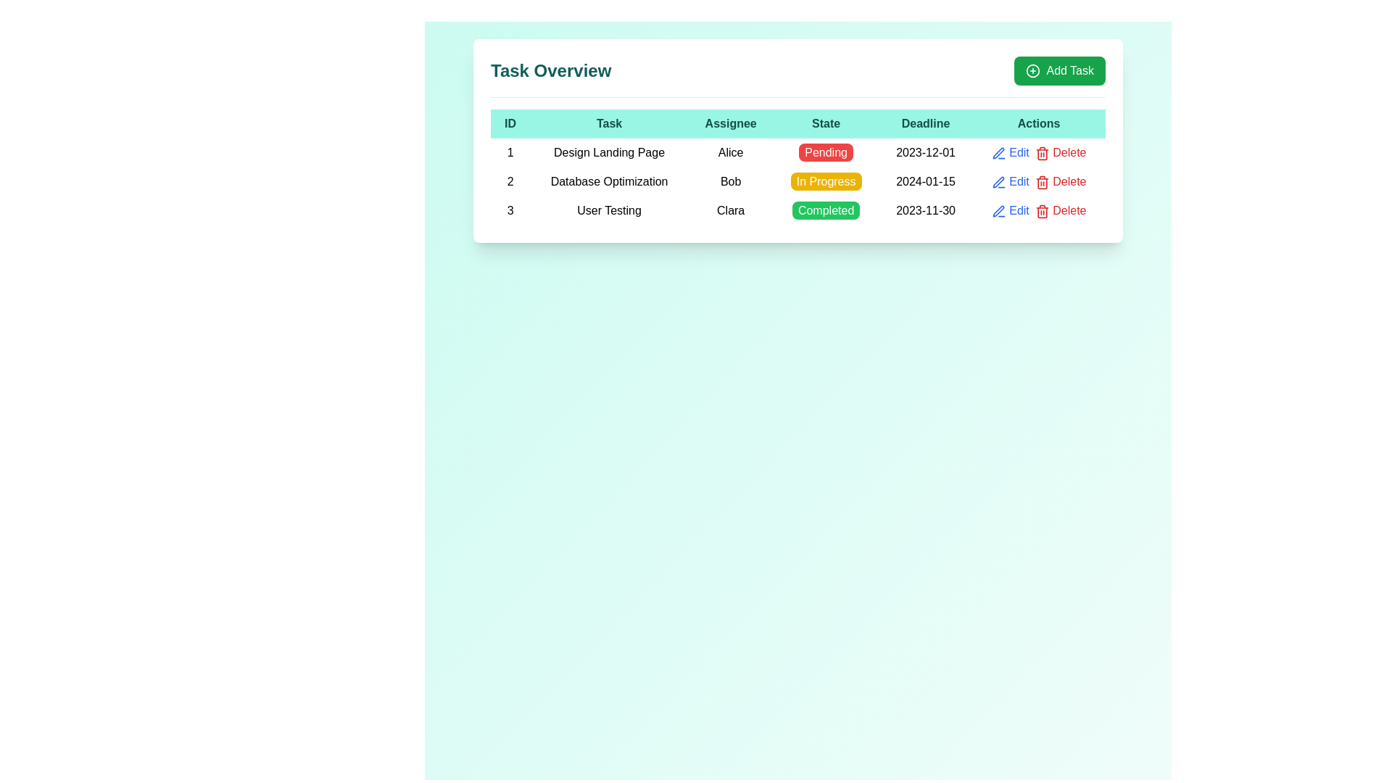  Describe the element at coordinates (924, 210) in the screenshot. I see `the text displaying the date '2023-11-30' in the 'Deadline' column of the task list for 'User Testing' assigned to 'Clara' marked as 'Completed'` at that location.